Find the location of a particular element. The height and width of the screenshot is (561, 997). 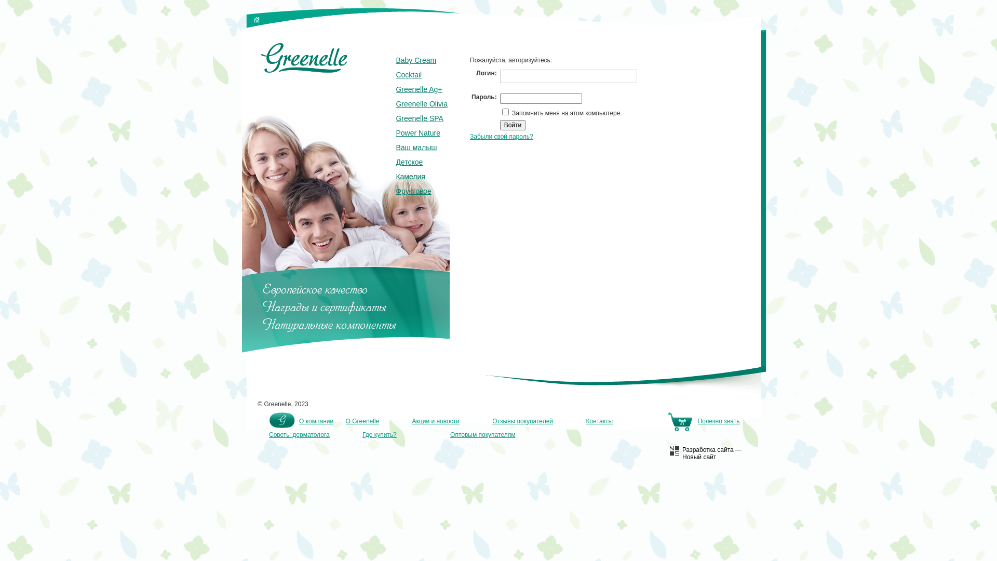

'Greenelle SPA' is located at coordinates (421, 117).